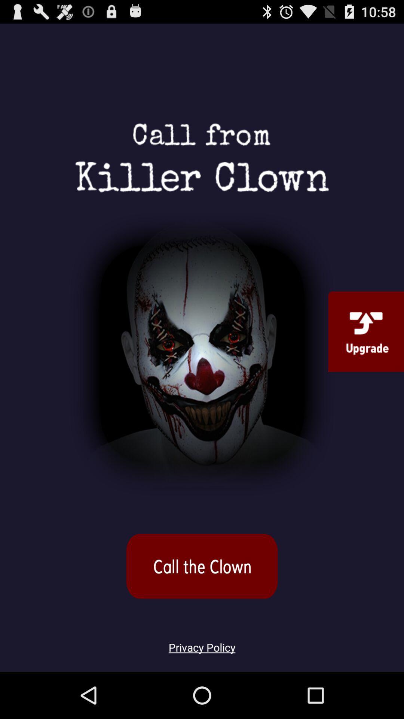 This screenshot has height=719, width=404. I want to click on upgrade killer clown, so click(365, 331).